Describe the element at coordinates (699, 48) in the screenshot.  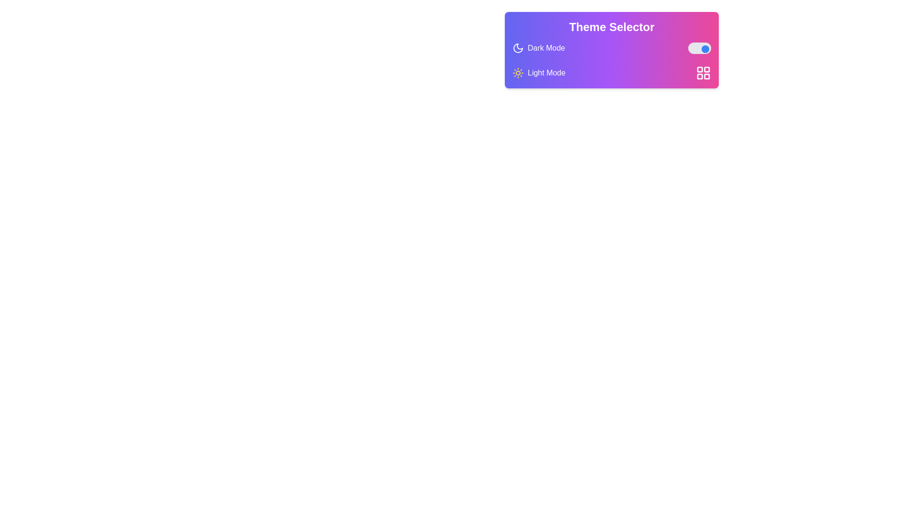
I see `the toggle switch for 'Dark Mode' located in the upper-right section of the Theme Selector layout` at that location.